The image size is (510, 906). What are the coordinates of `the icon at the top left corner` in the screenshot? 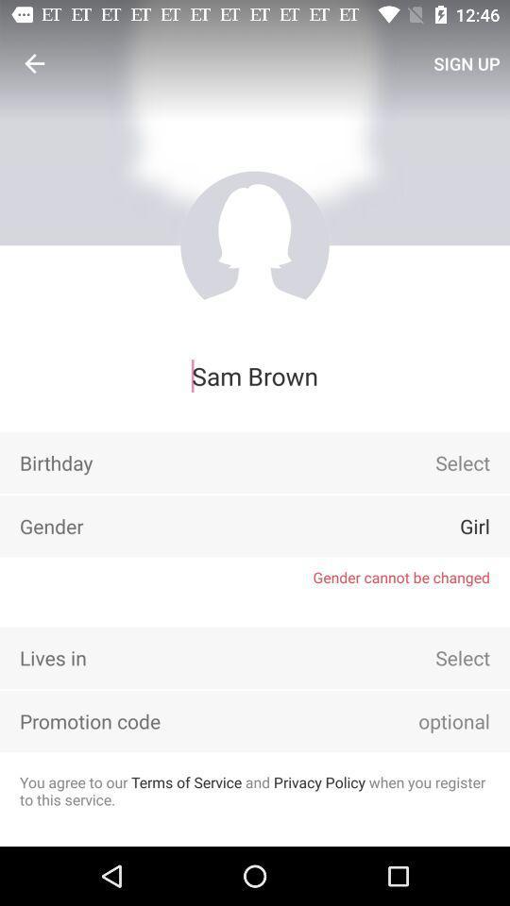 It's located at (34, 63).